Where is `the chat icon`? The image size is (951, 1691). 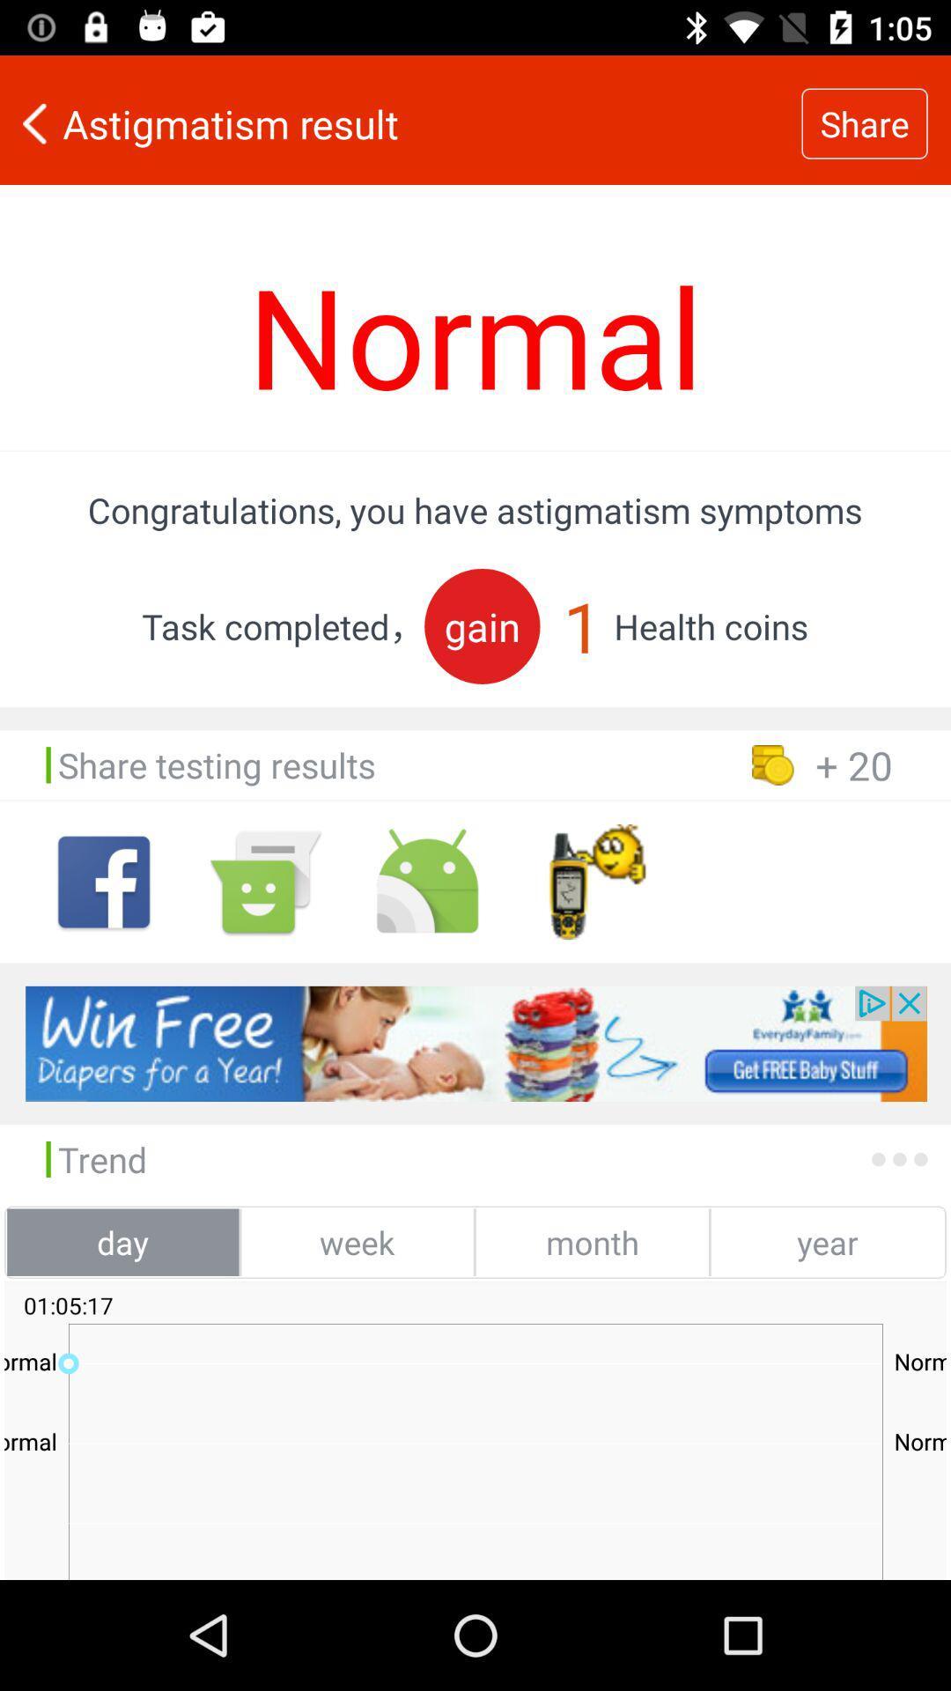
the chat icon is located at coordinates (265, 882).